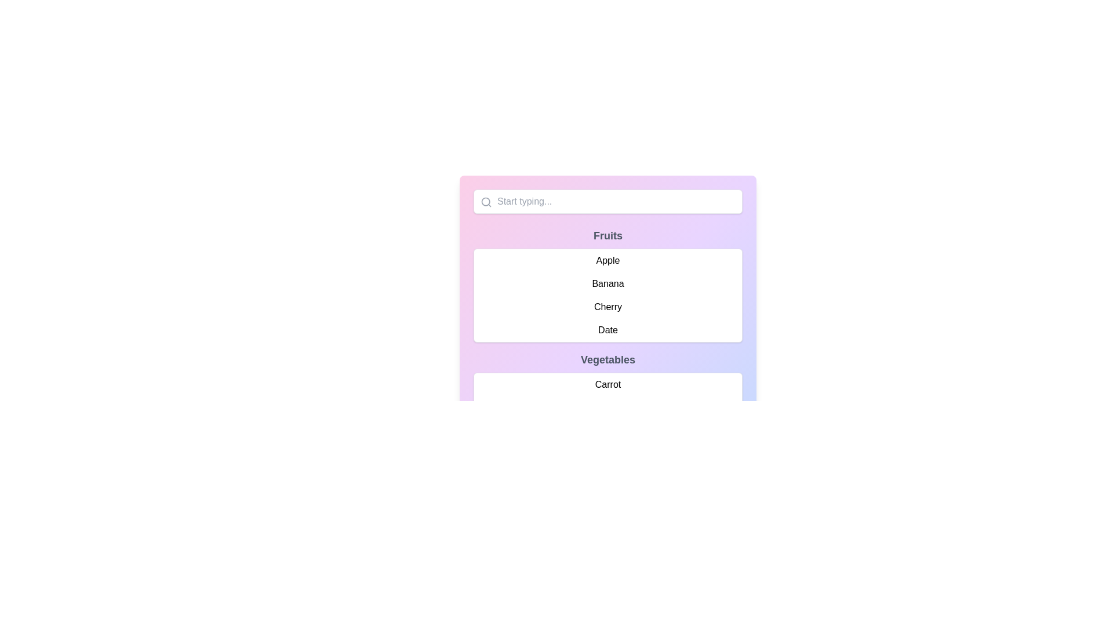  What do you see at coordinates (608, 306) in the screenshot?
I see `to select the 'Cherry' menu item, which is the third item in a vertical list of fruits displayed with a white background and changes to purple on hover` at bounding box center [608, 306].